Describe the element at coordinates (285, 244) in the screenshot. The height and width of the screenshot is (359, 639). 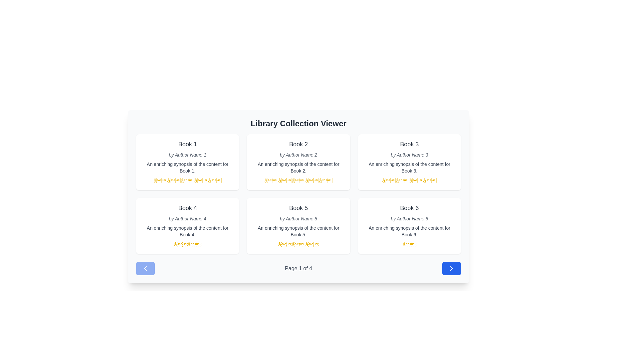
I see `the first yellow star icon in the rating display under 'Book 5', which is positioned in the central column of the library grid interface` at that location.